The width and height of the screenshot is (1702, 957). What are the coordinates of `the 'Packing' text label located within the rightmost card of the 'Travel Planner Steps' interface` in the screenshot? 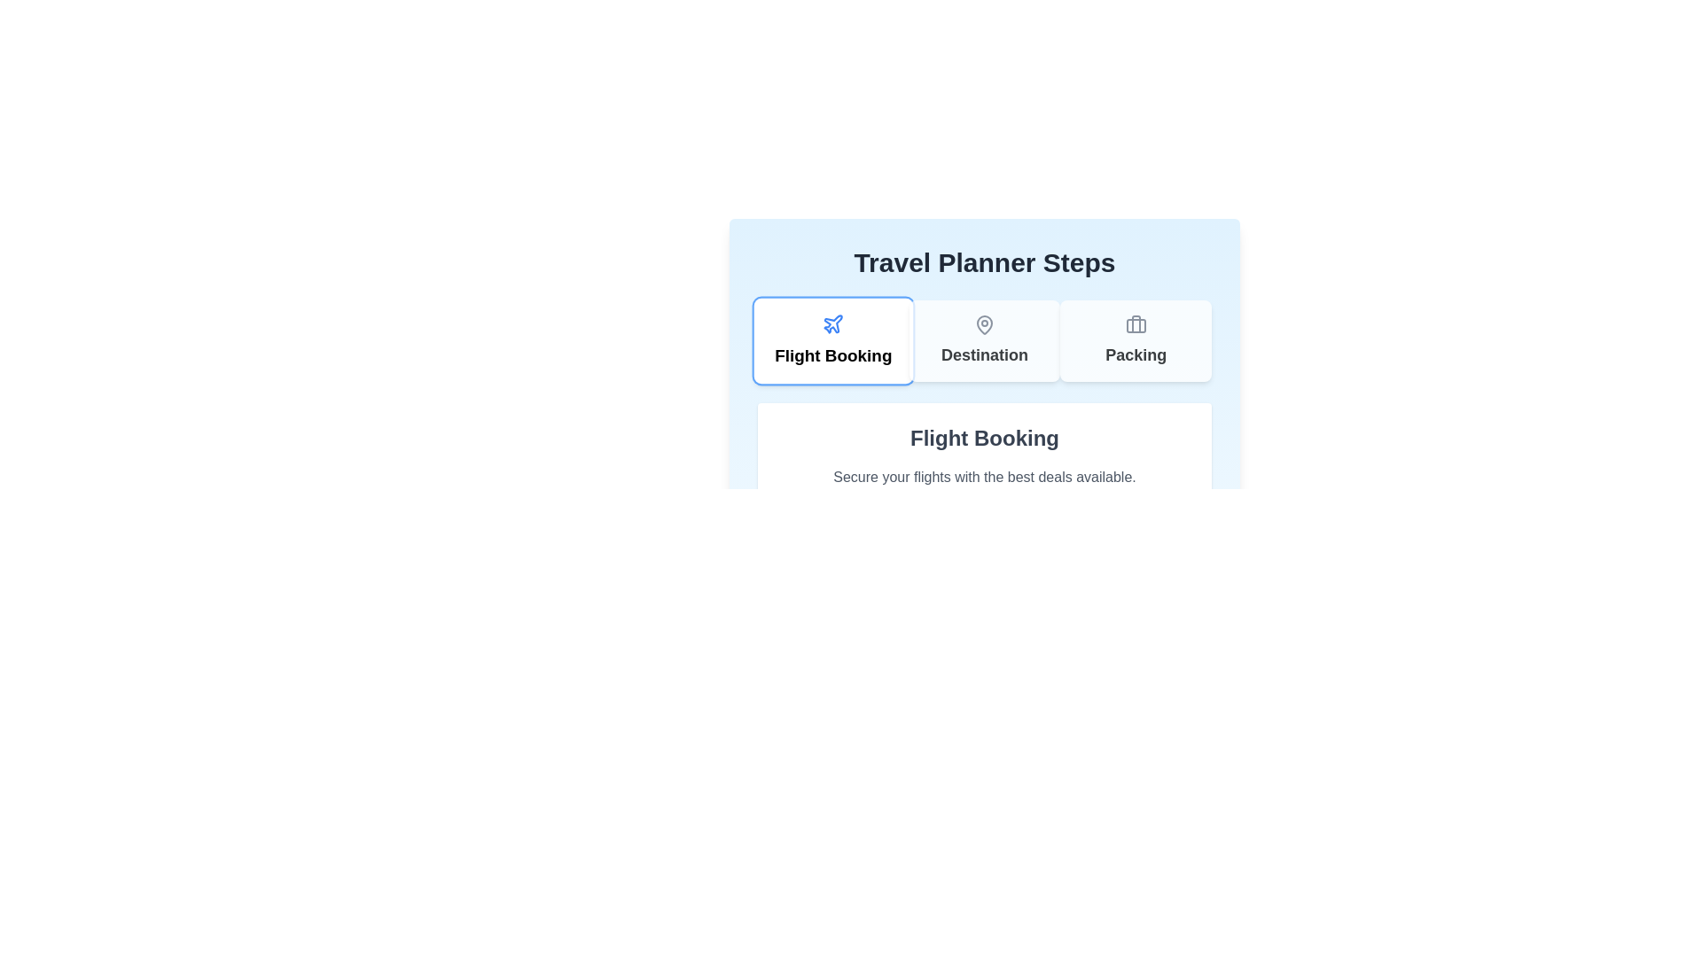 It's located at (1136, 355).